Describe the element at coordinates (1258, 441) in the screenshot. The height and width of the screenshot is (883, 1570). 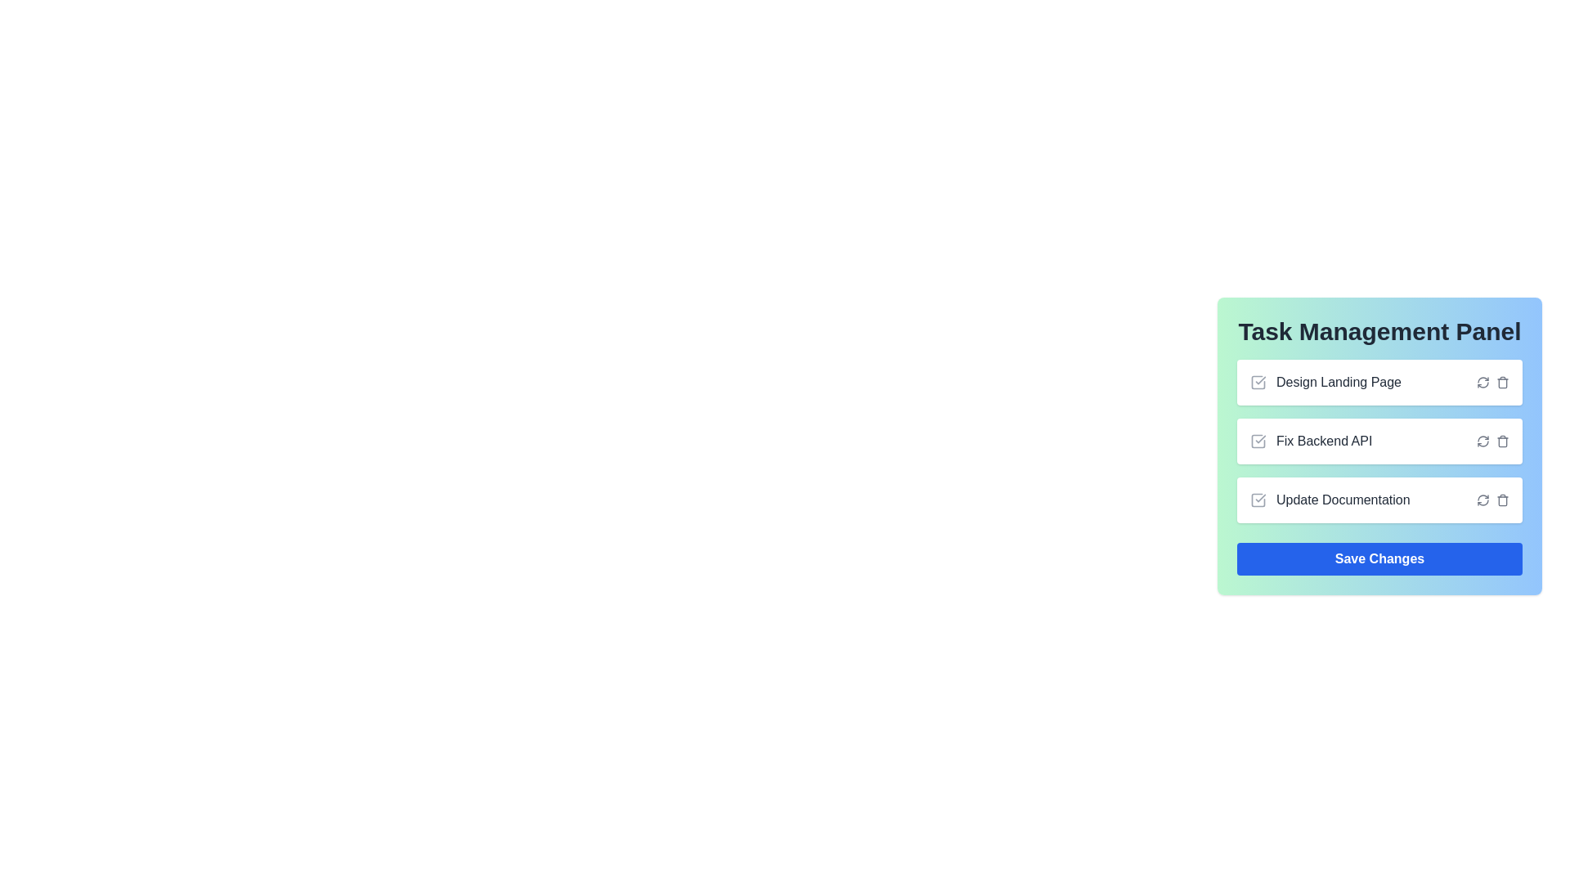
I see `the inactive checkbox-like indicator for the 'Fix Backend API' task in the Task Management Panel` at that location.